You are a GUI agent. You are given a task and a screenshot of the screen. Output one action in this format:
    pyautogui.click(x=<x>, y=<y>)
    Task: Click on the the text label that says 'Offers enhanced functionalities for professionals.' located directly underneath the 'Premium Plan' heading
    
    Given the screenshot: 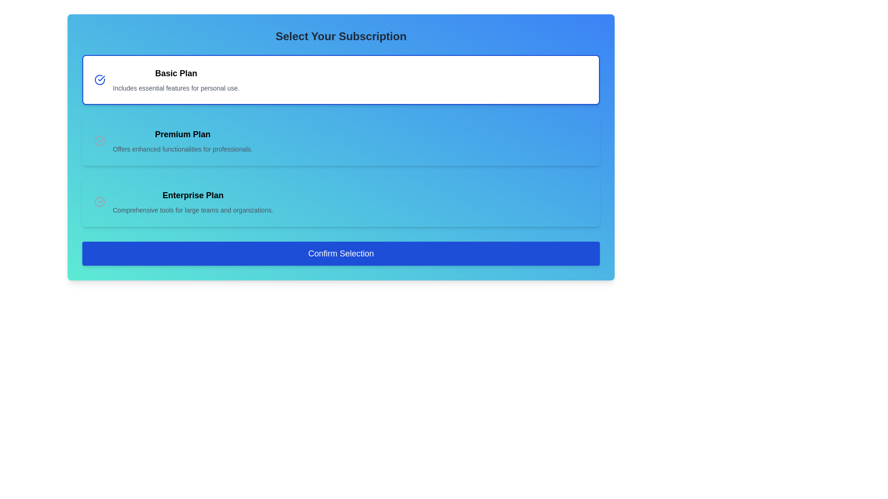 What is the action you would take?
    pyautogui.click(x=183, y=149)
    